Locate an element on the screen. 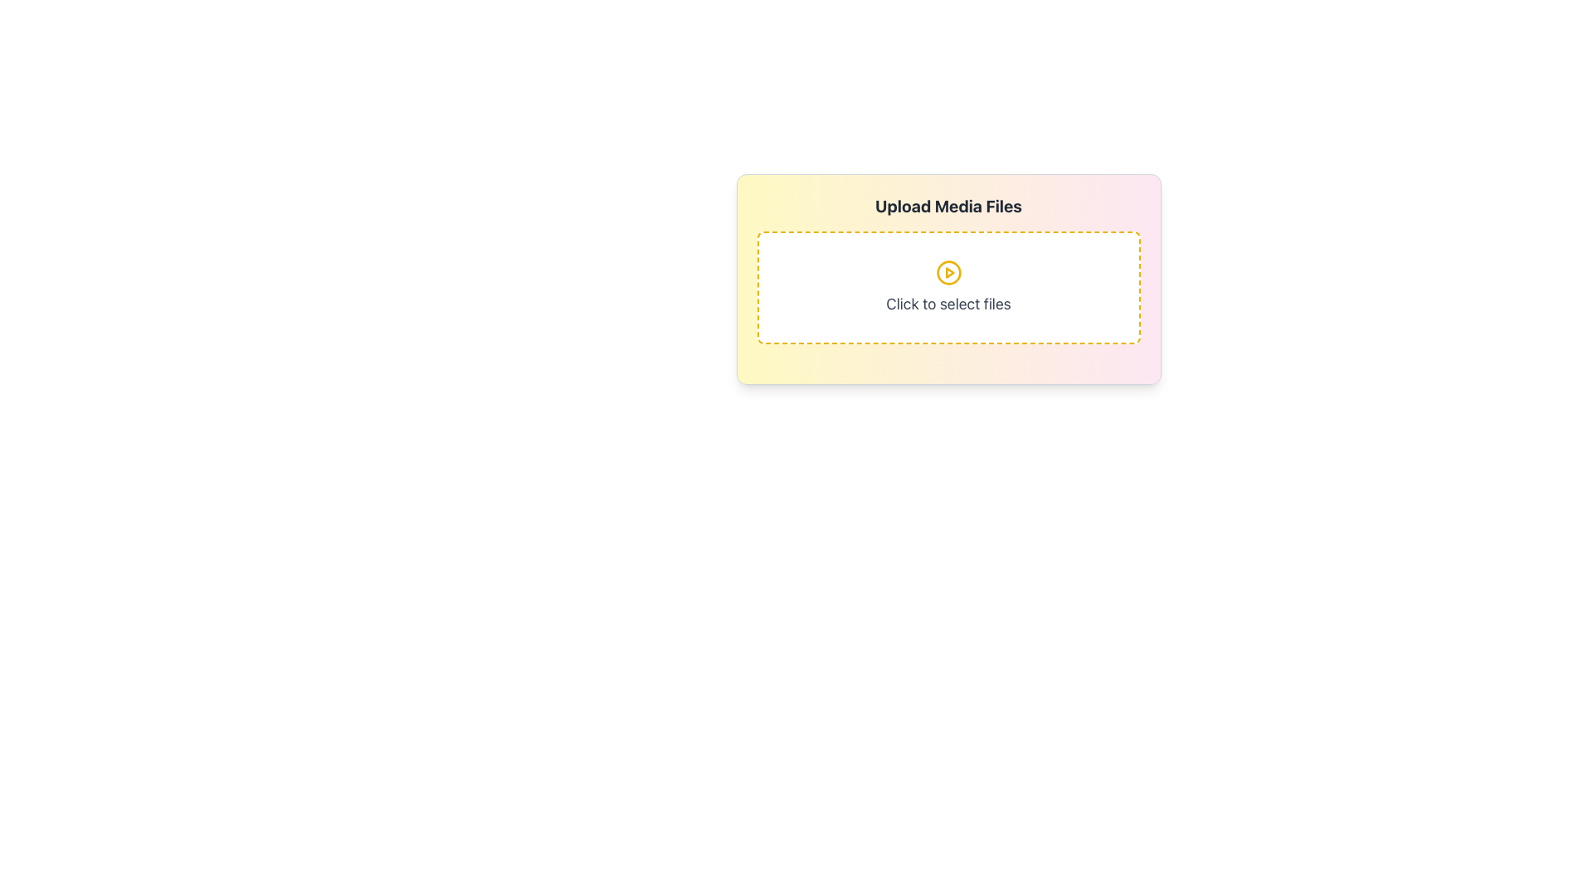 This screenshot has width=1593, height=896. the yellow circular play button icon with a triangular play symbol, located above the 'Click is located at coordinates (948, 271).